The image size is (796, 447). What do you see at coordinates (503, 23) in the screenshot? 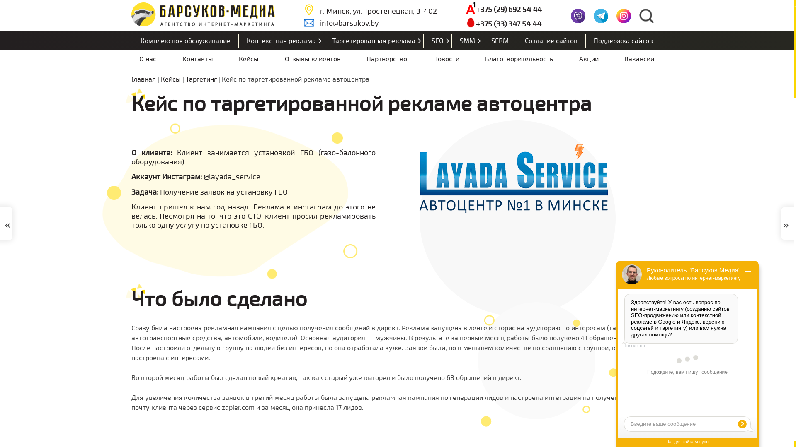
I see `'+375 (33) 347 54 44'` at bounding box center [503, 23].